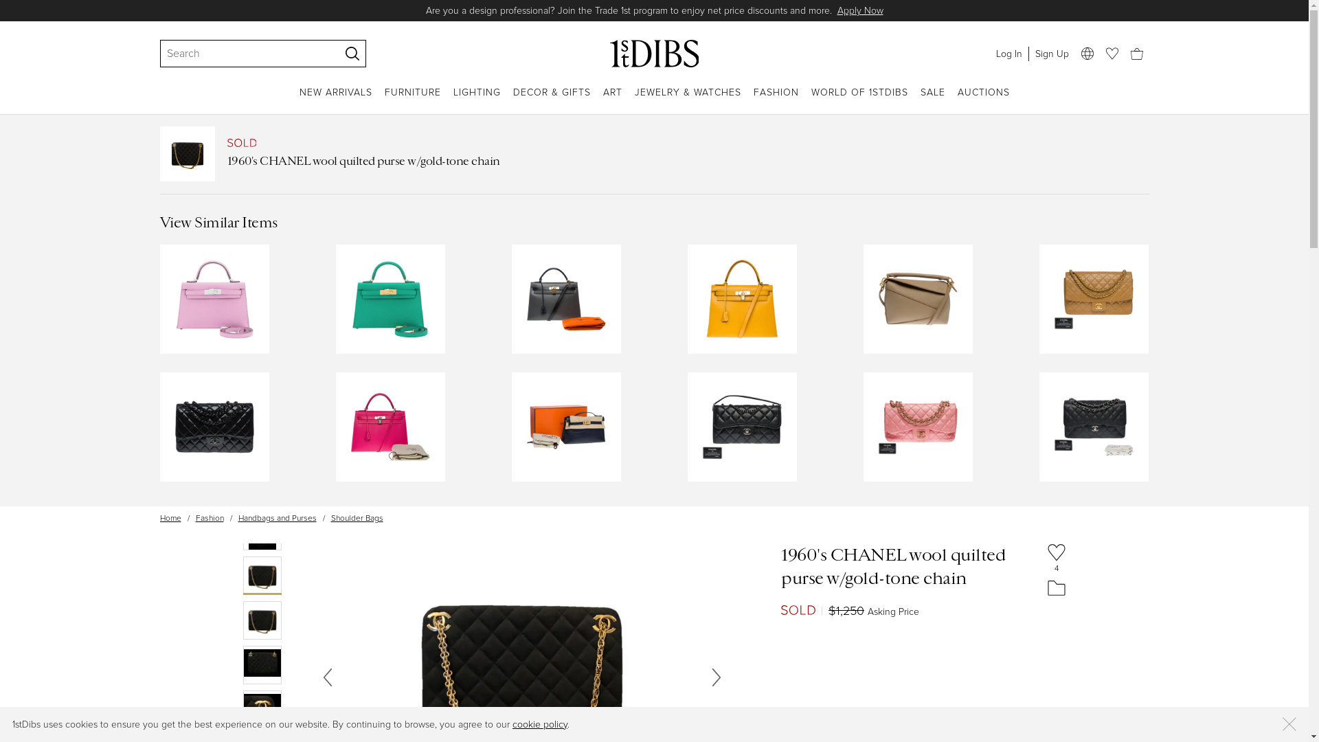  I want to click on 'SKIP TO MAIN CONTENT', so click(5, 5).